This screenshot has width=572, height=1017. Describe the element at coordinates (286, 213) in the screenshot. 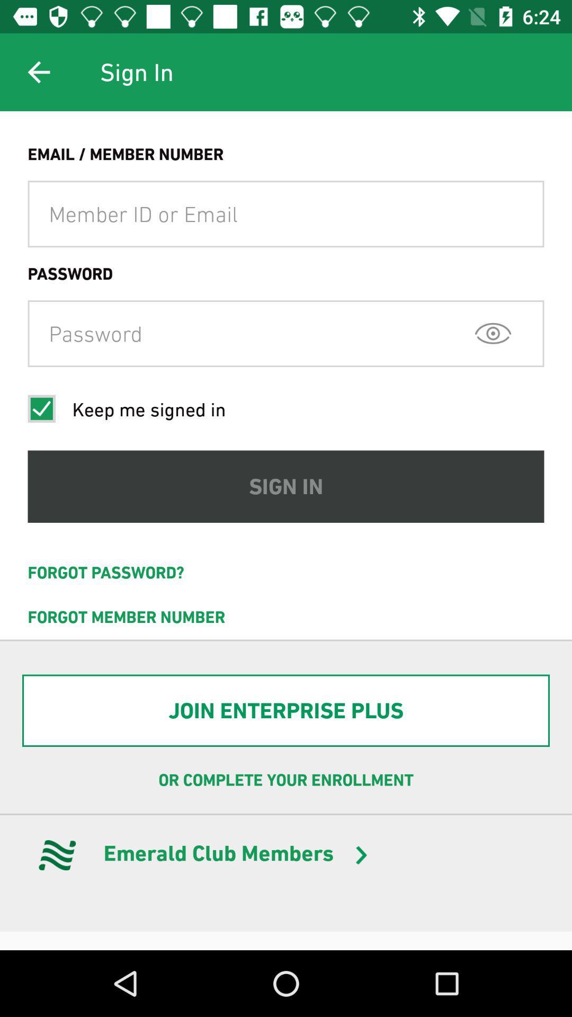

I see `id or email` at that location.